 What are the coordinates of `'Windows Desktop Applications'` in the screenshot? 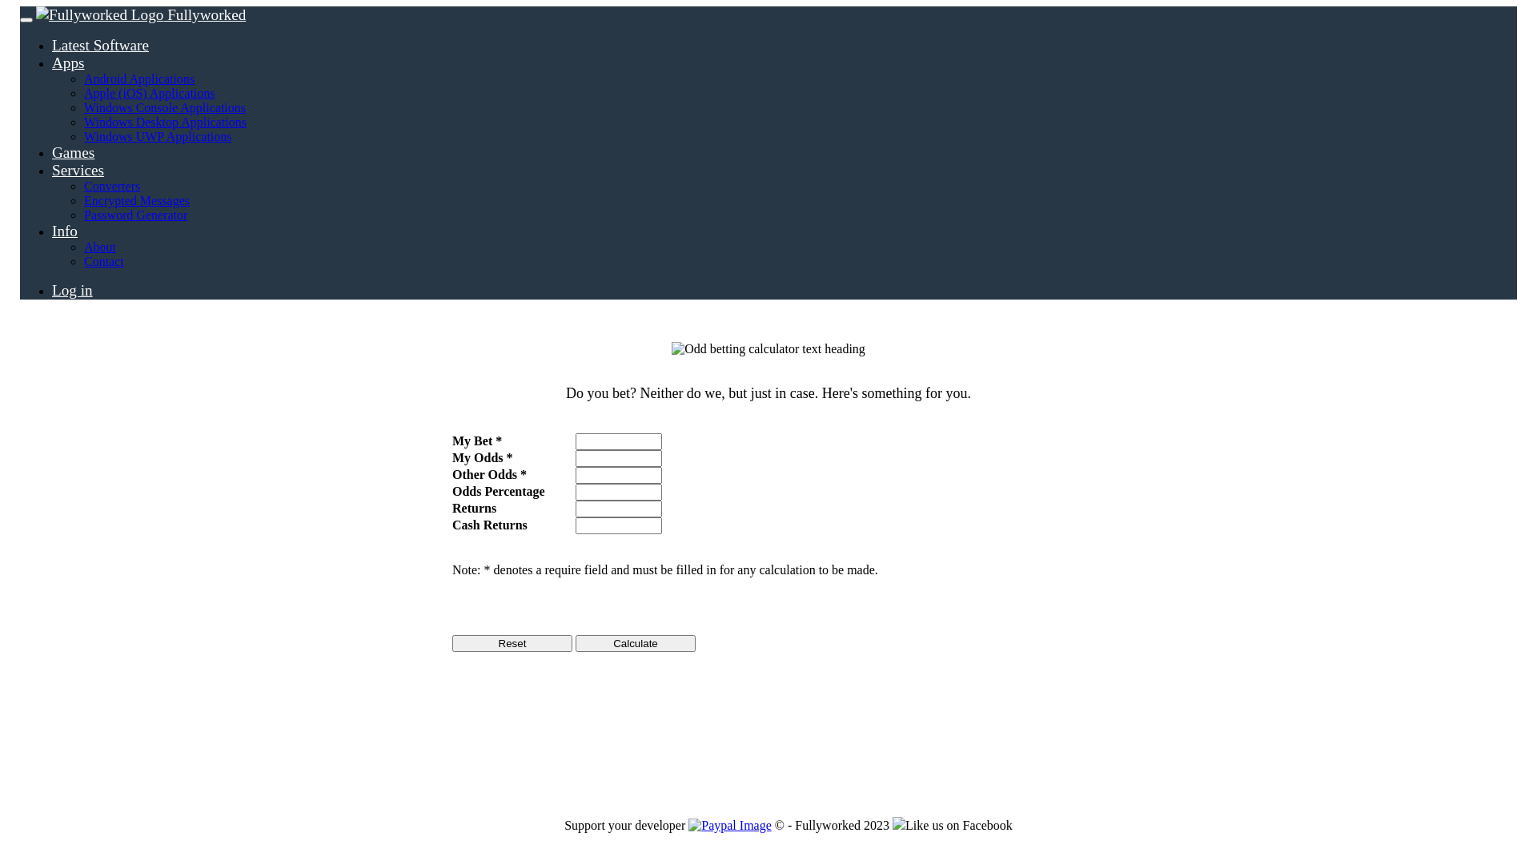 It's located at (165, 121).